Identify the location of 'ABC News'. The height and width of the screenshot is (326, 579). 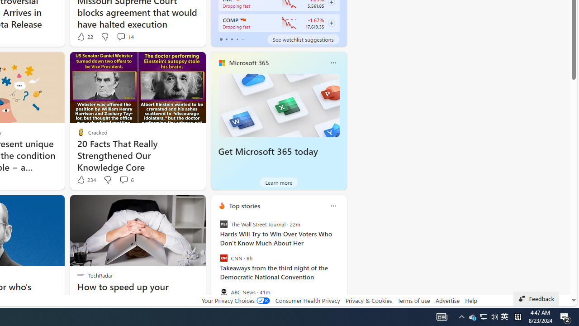
(223, 292).